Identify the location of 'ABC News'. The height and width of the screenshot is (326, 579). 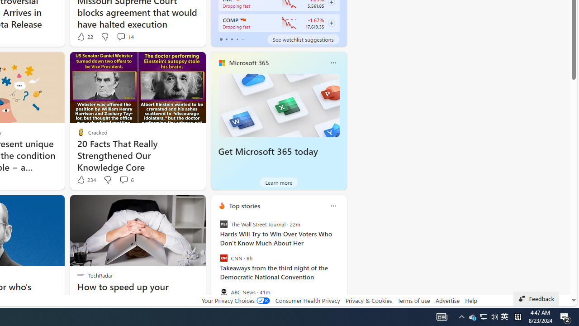
(223, 292).